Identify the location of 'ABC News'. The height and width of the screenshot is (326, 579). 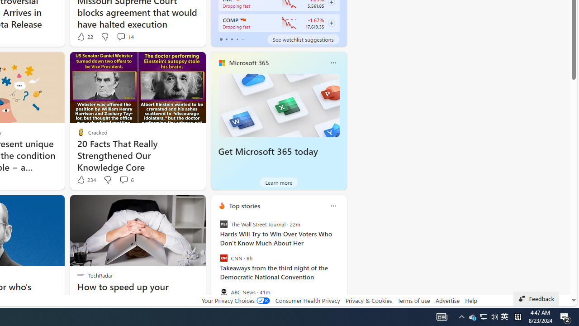
(223, 292).